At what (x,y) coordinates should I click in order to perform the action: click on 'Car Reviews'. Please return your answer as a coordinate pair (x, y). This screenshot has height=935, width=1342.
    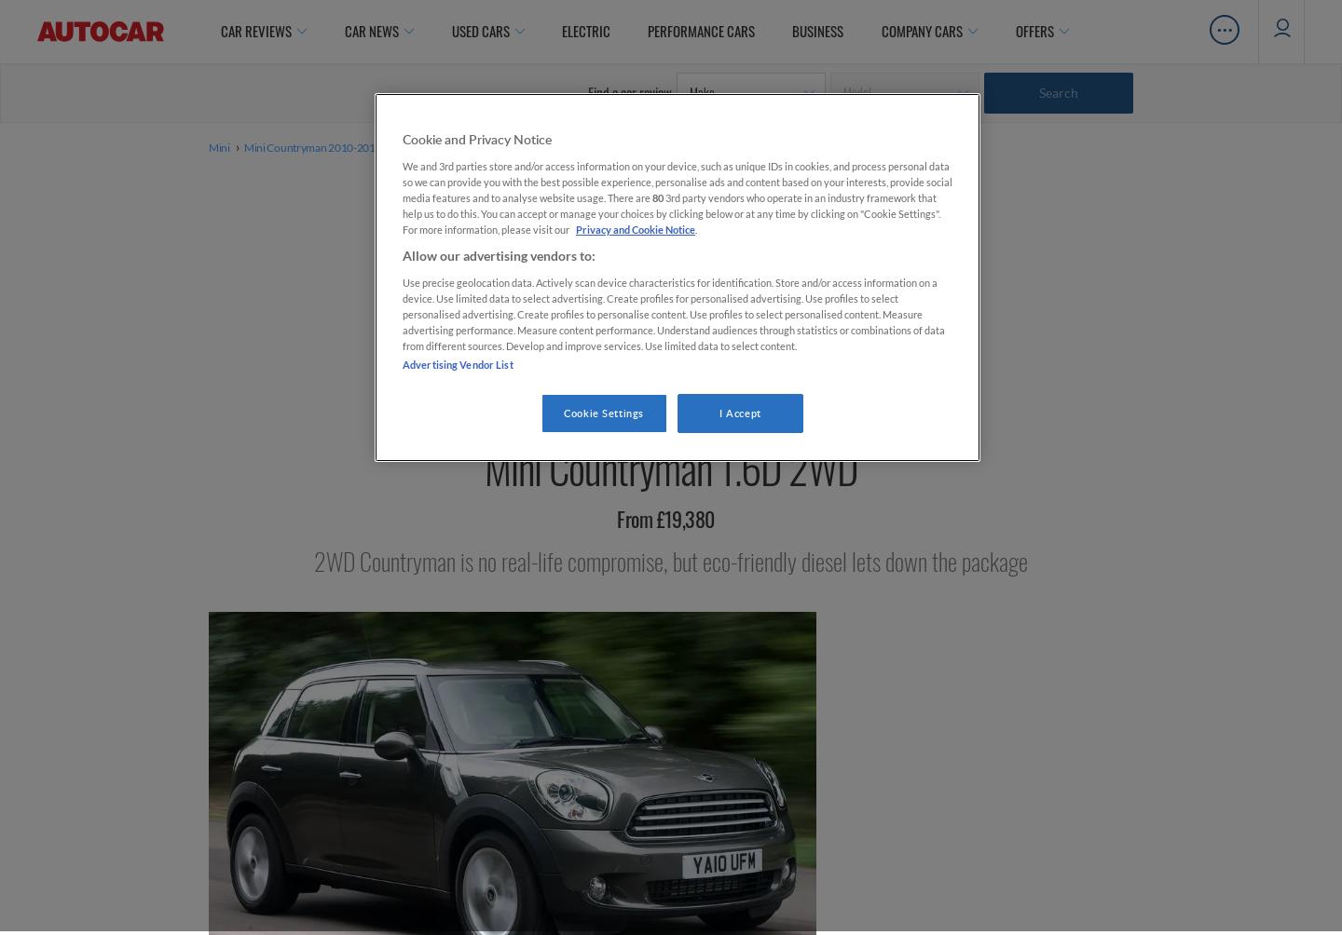
    Looking at the image, I should click on (255, 31).